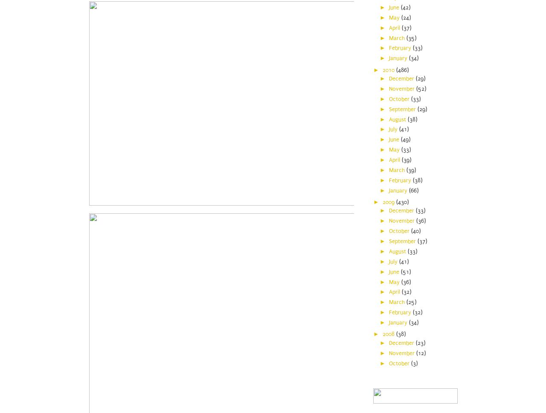 This screenshot has width=546, height=413. Describe the element at coordinates (405, 17) in the screenshot. I see `'(24)'` at that location.